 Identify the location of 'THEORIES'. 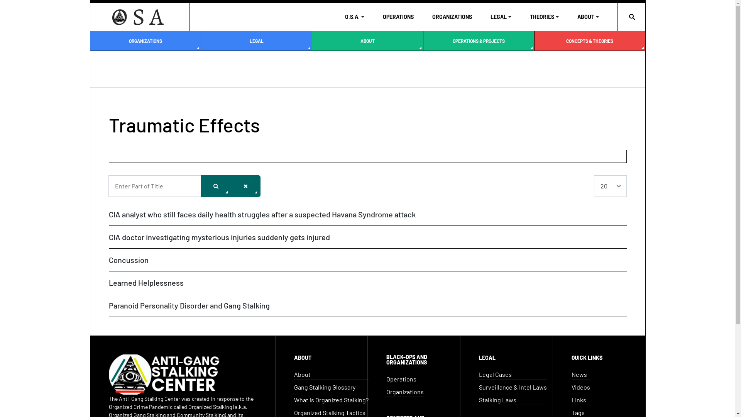
(529, 17).